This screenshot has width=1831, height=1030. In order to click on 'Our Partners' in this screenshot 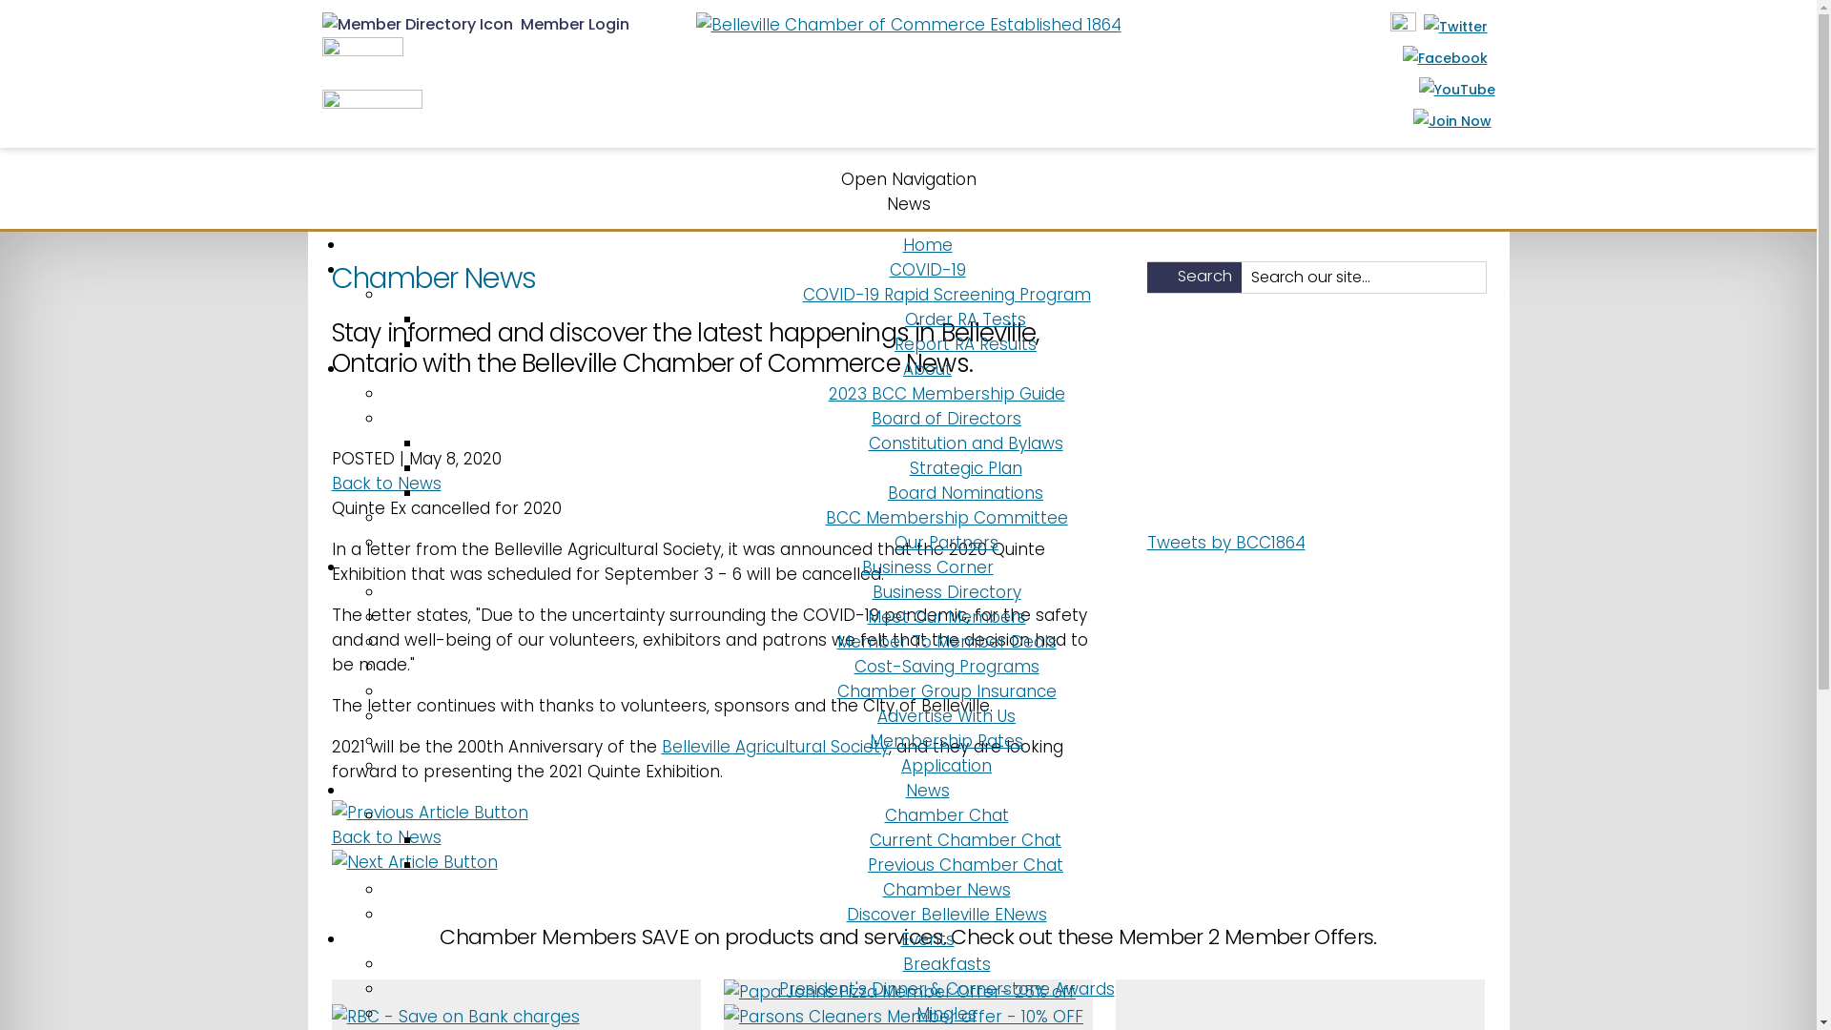, I will do `click(893, 543)`.